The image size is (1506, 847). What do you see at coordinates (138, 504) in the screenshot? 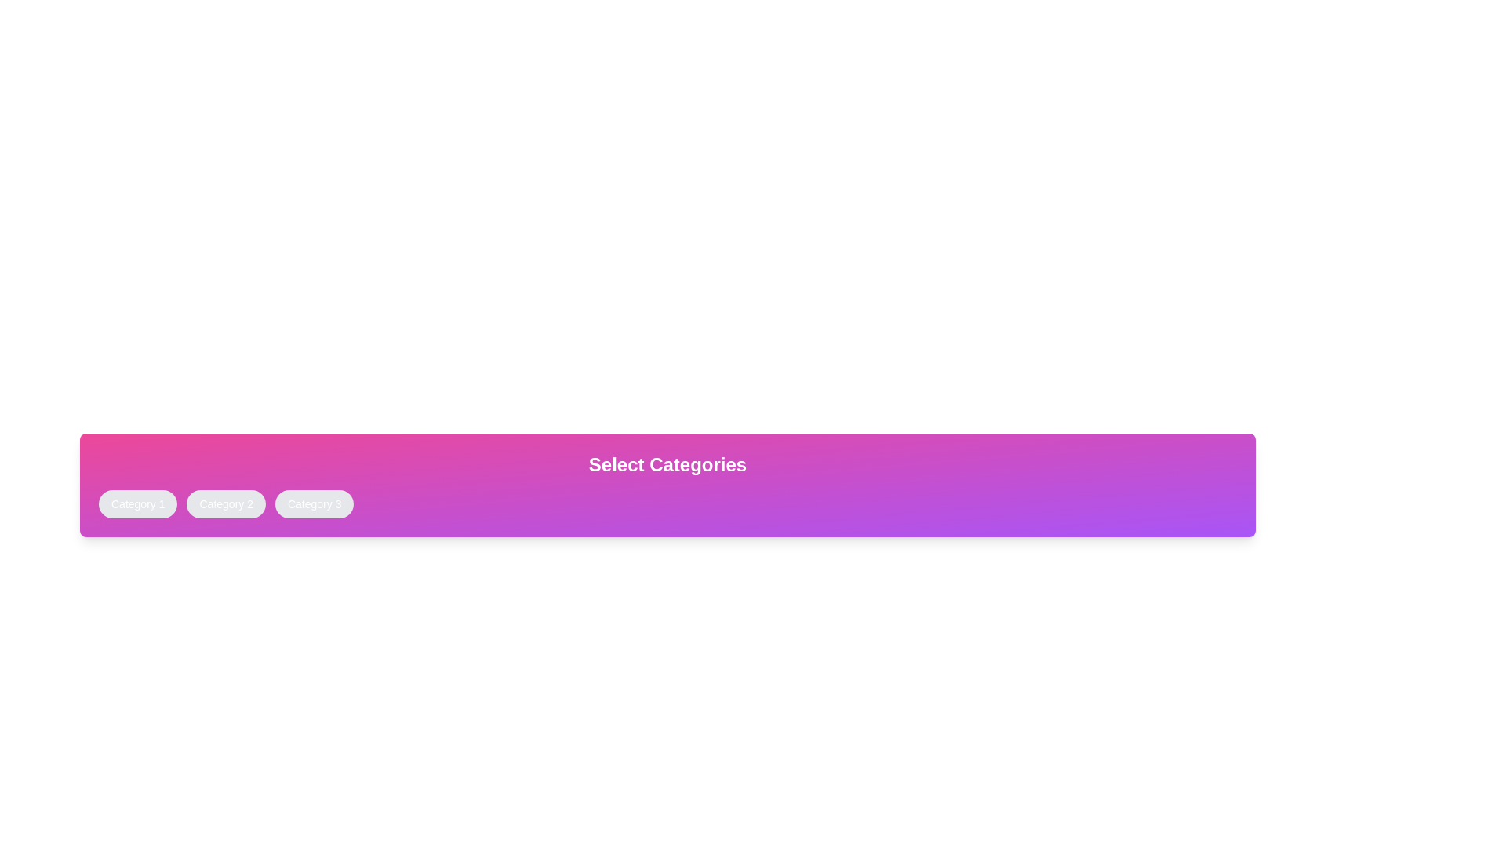
I see `the button corresponding to Category 1 to toggle its active state` at bounding box center [138, 504].